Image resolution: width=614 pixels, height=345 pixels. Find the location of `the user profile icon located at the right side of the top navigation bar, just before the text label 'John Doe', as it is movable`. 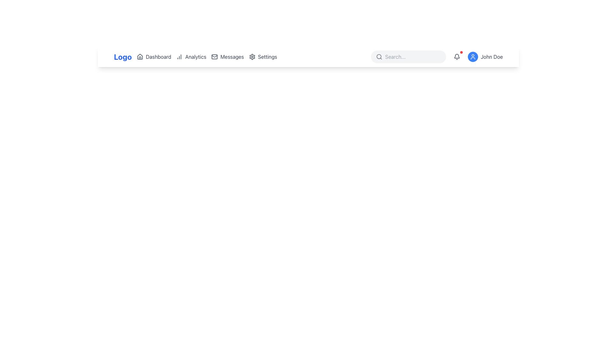

the user profile icon located at the right side of the top navigation bar, just before the text label 'John Doe', as it is movable is located at coordinates (473, 56).